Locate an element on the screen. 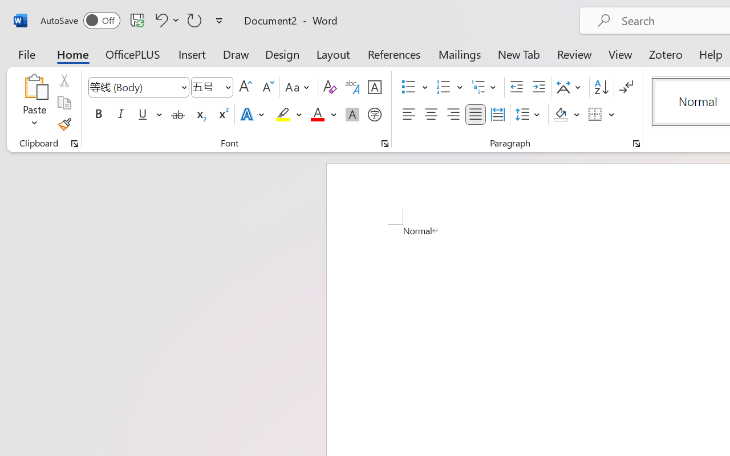 Image resolution: width=730 pixels, height=456 pixels. 'Undo Apply Quick Style' is located at coordinates (159, 19).